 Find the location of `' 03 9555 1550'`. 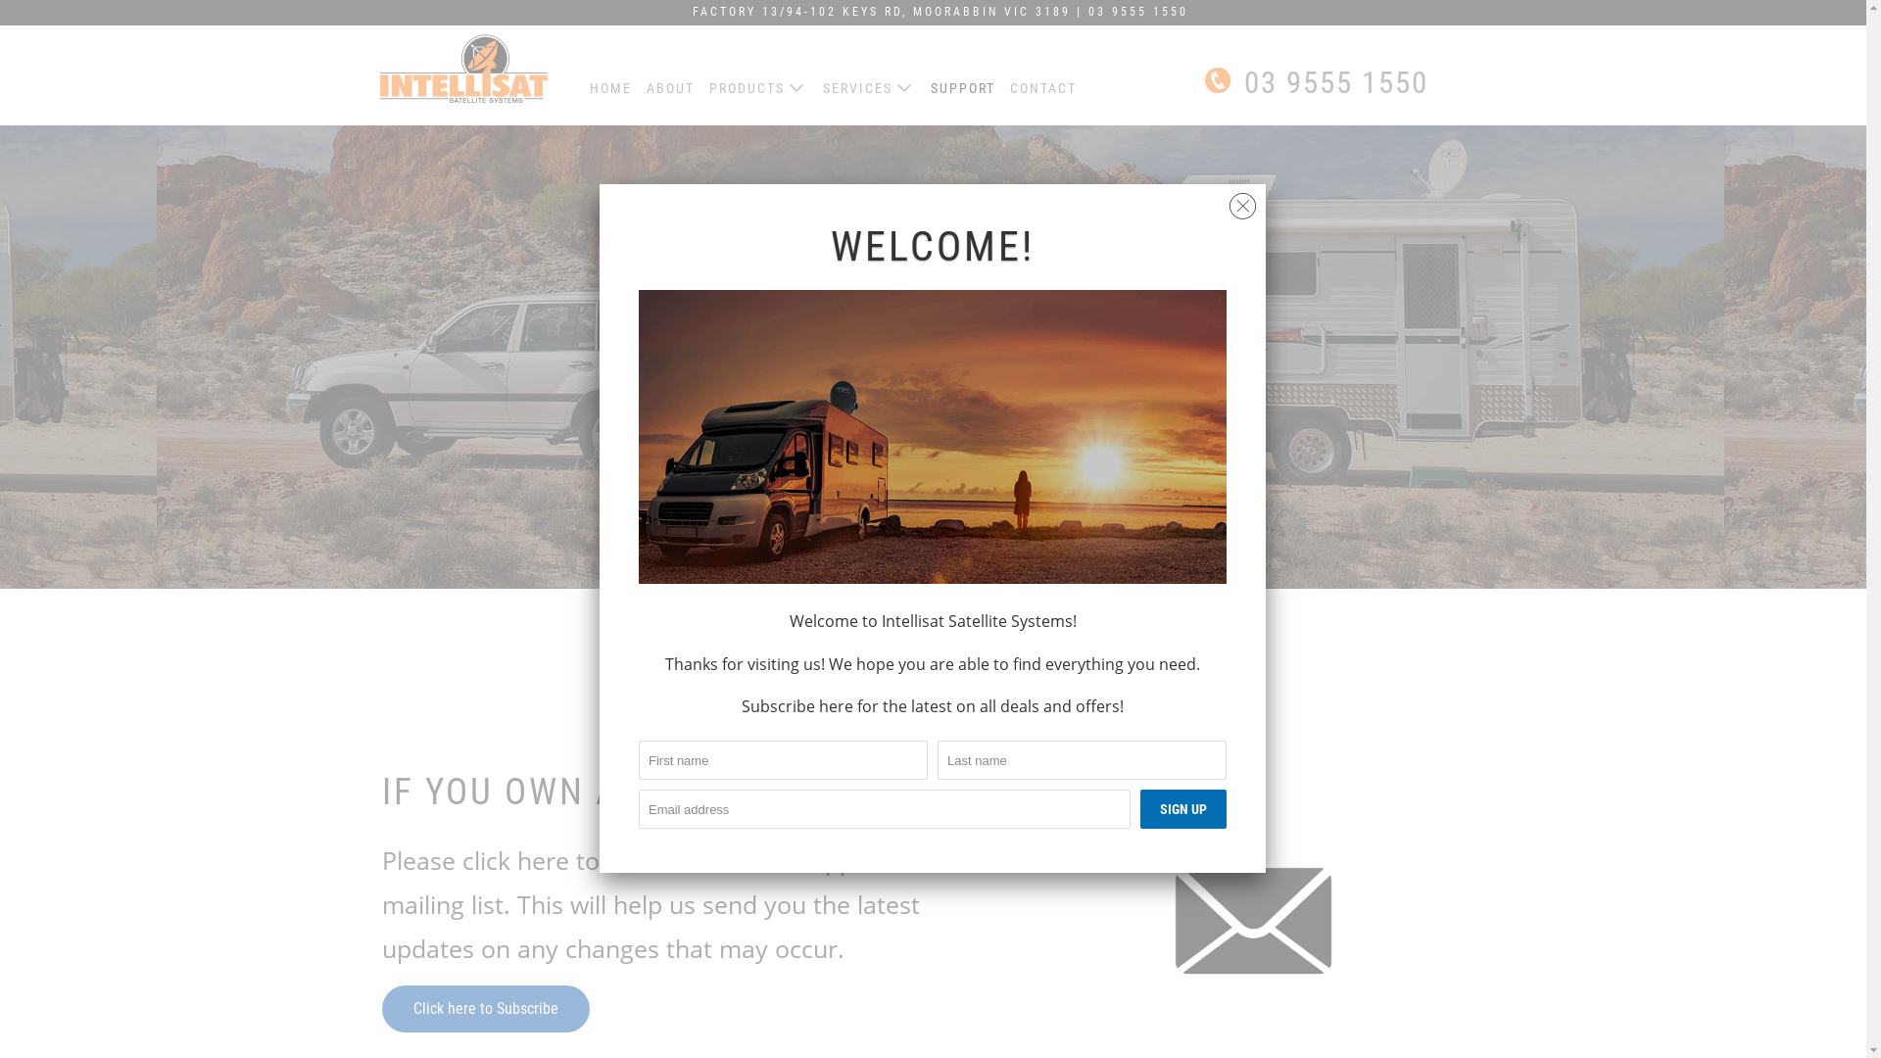

' 03 9555 1550' is located at coordinates (1199, 80).